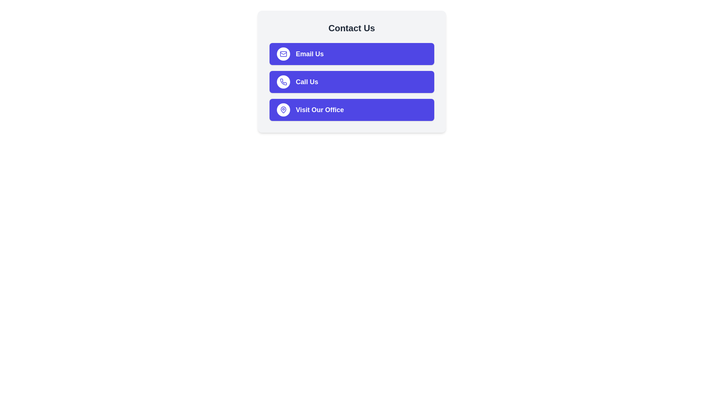 This screenshot has width=706, height=397. I want to click on the email icon located on the left side of the 'Email Us' button, which visually indicates its purpose related to email communication, so click(283, 53).